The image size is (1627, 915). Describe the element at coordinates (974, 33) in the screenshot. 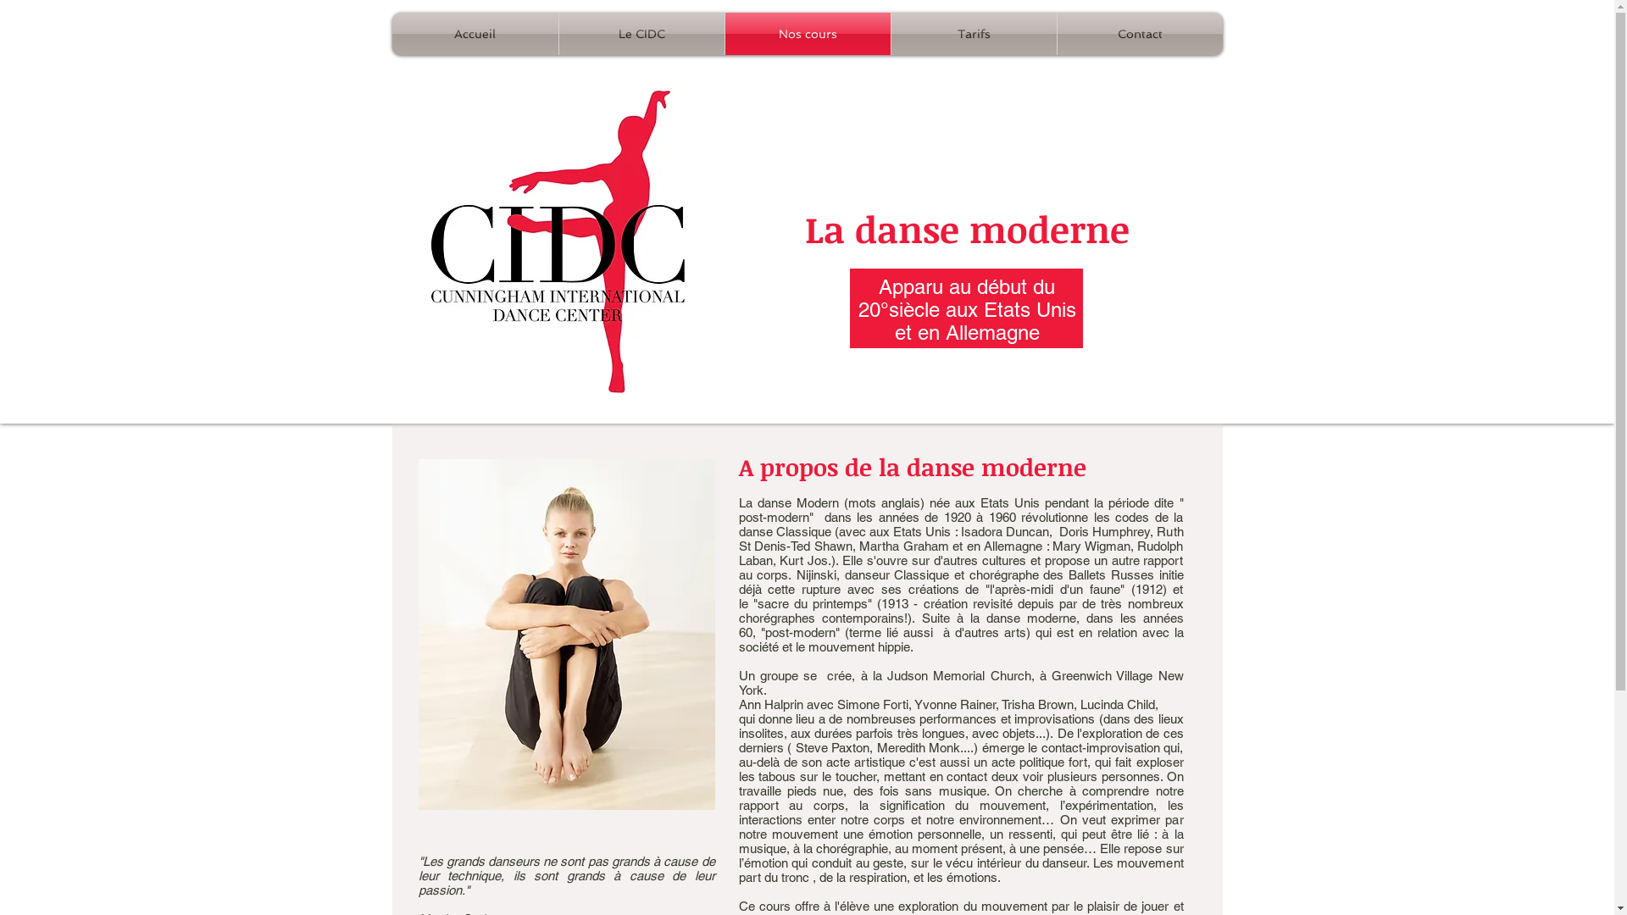

I see `'Tarifs'` at that location.